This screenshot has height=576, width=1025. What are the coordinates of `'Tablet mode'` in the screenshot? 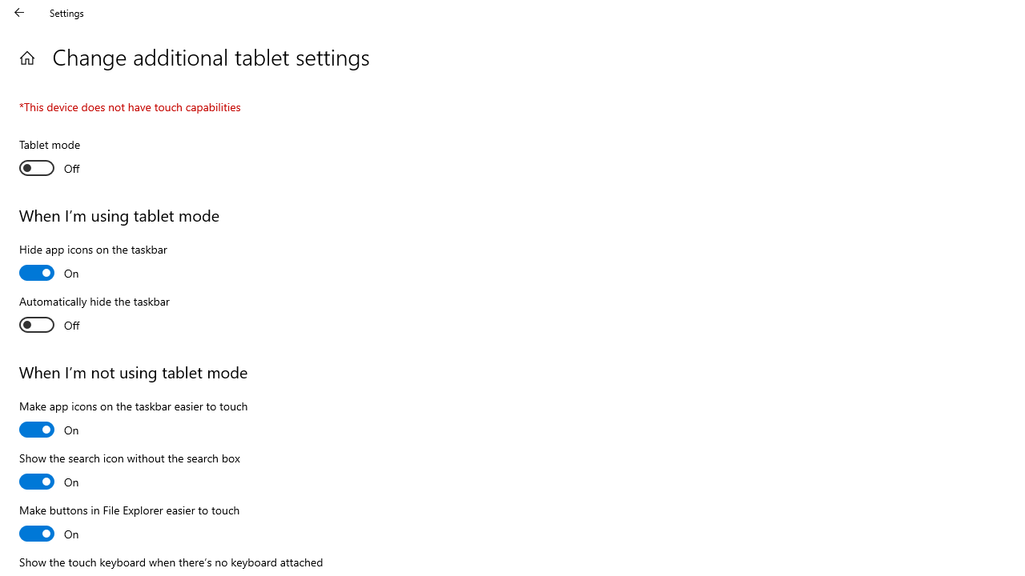 It's located at (77, 158).